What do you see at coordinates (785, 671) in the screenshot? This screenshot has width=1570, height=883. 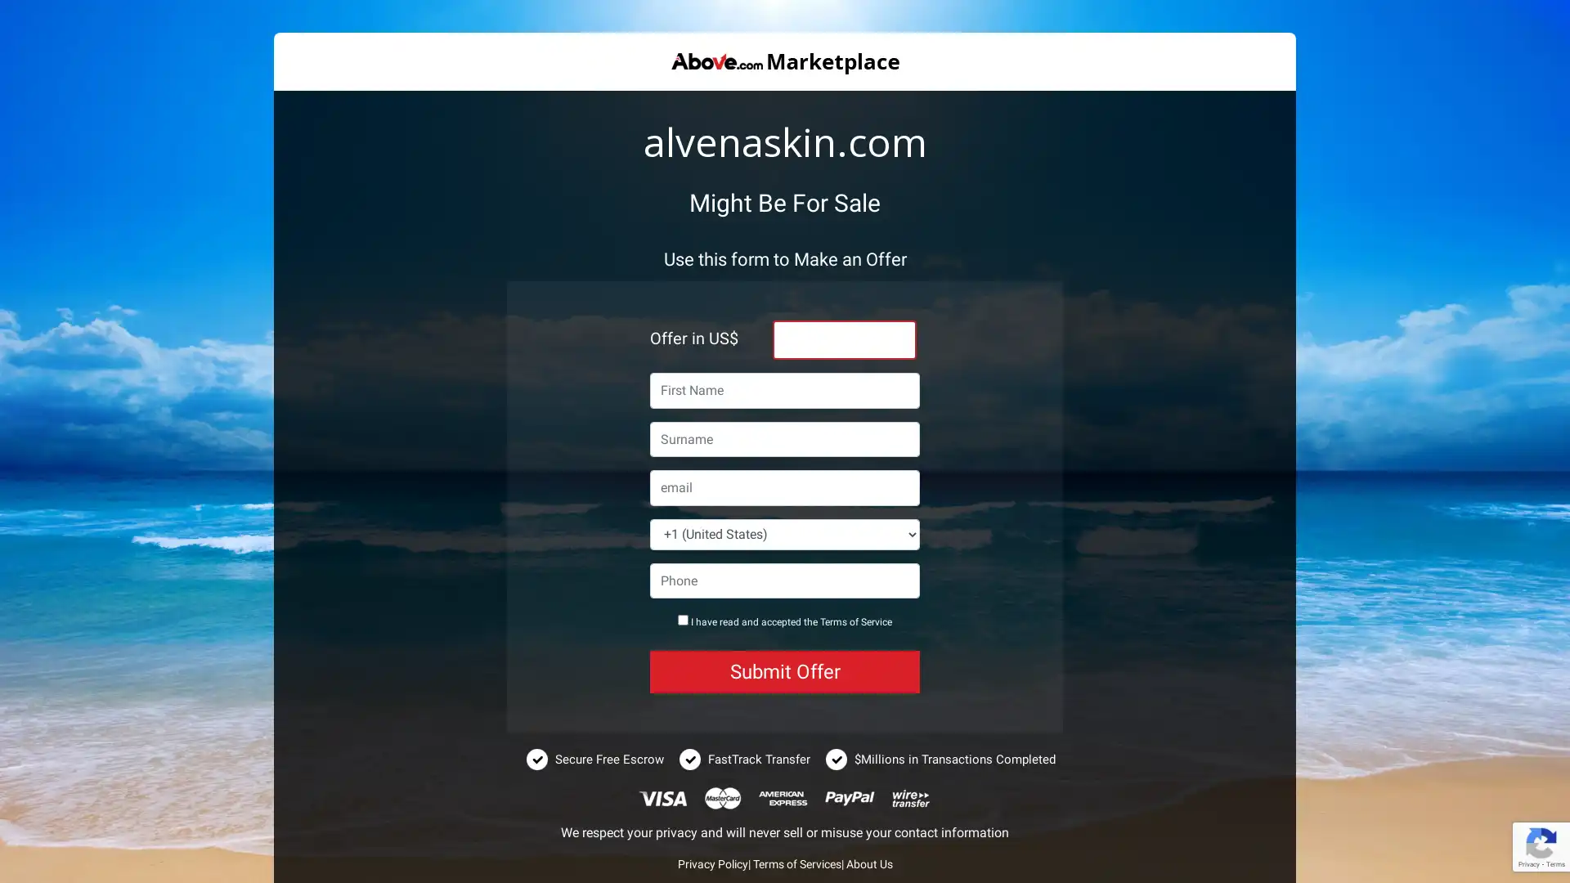 I see `Submit Offer` at bounding box center [785, 671].